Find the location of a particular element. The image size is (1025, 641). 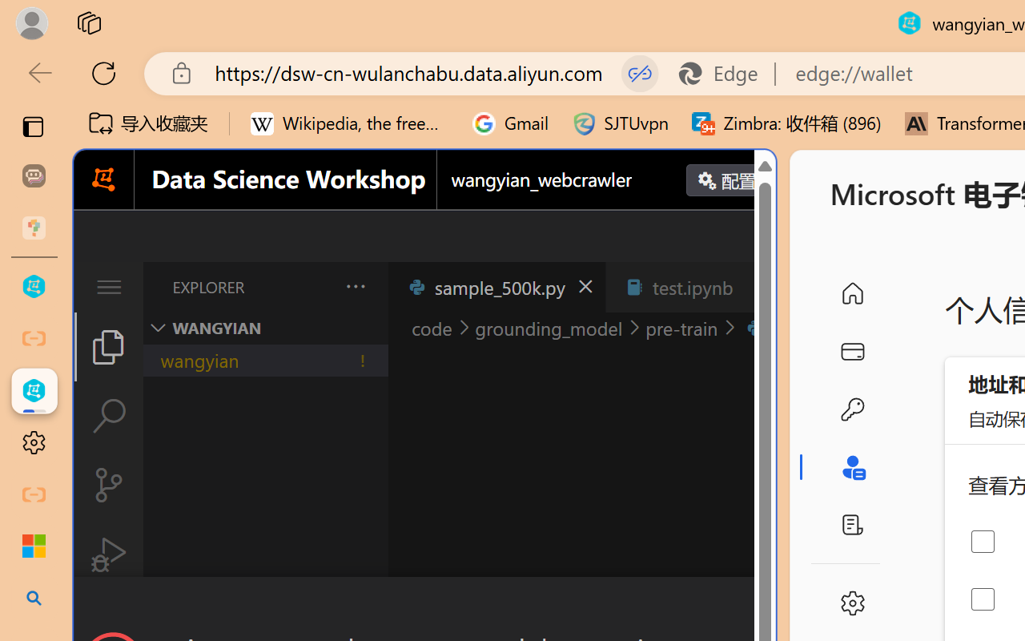

'Close Dialog' is located at coordinates (769, 606).